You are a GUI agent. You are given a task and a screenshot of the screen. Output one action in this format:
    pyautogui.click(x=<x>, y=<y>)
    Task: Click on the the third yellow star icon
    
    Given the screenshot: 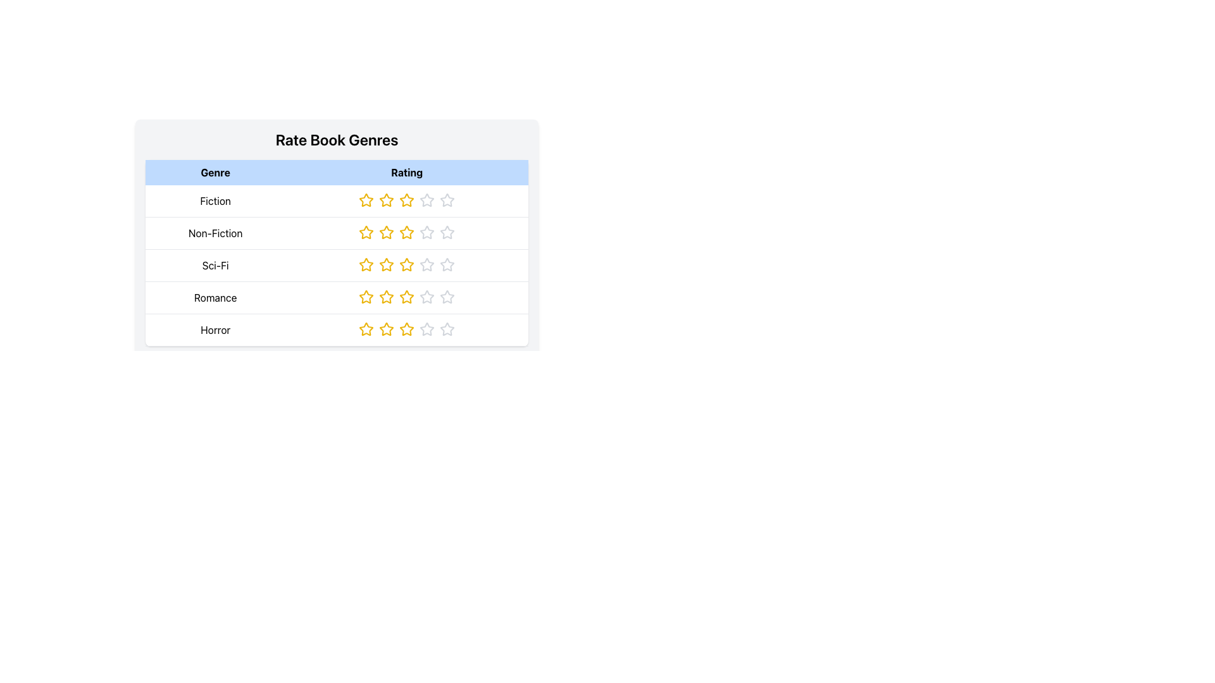 What is the action you would take?
    pyautogui.click(x=407, y=328)
    